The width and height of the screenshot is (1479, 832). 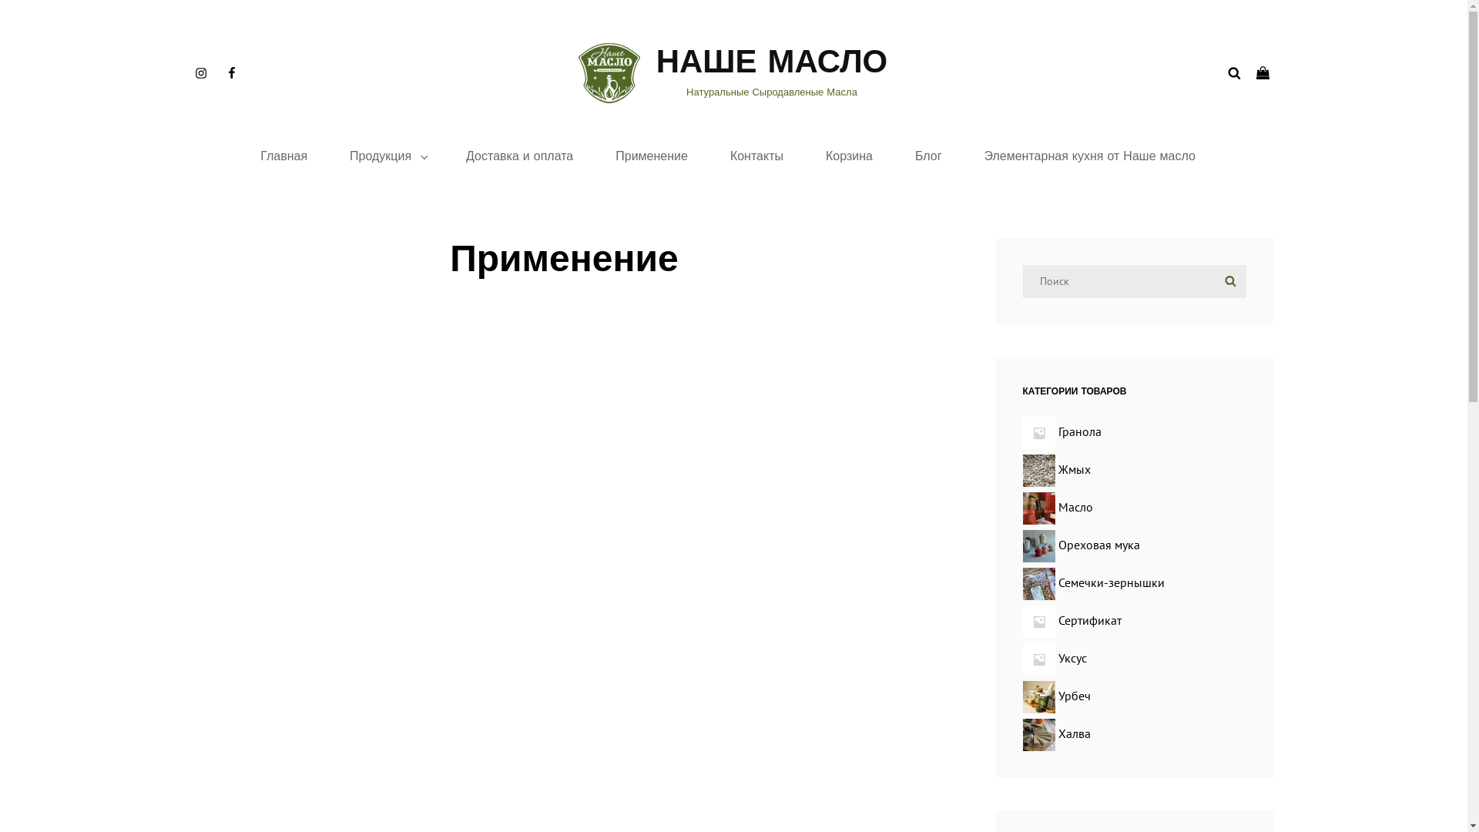 What do you see at coordinates (230, 73) in the screenshot?
I see `'Fb'` at bounding box center [230, 73].